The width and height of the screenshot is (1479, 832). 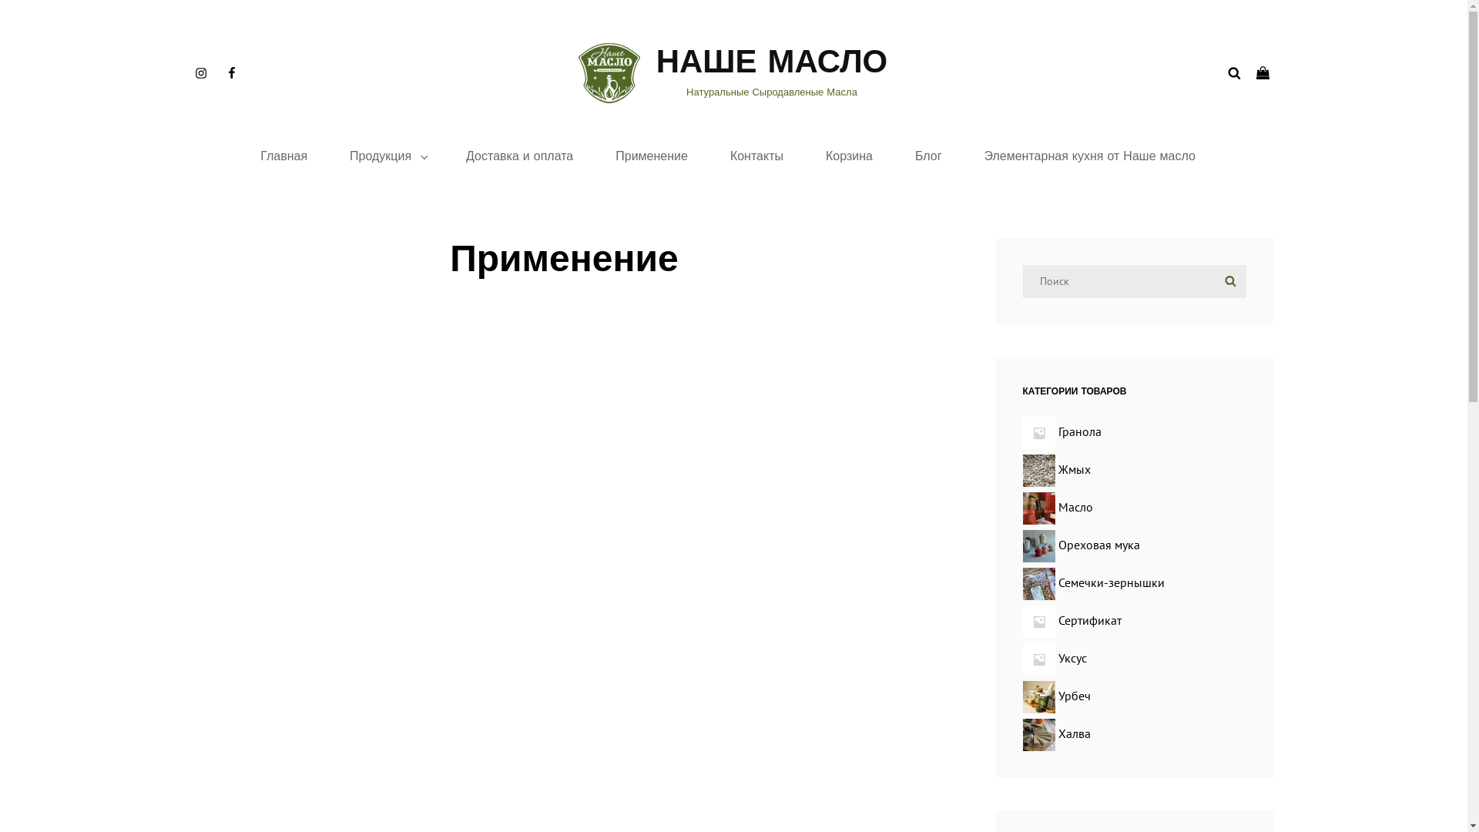 What do you see at coordinates (230, 73) in the screenshot?
I see `'Fb'` at bounding box center [230, 73].